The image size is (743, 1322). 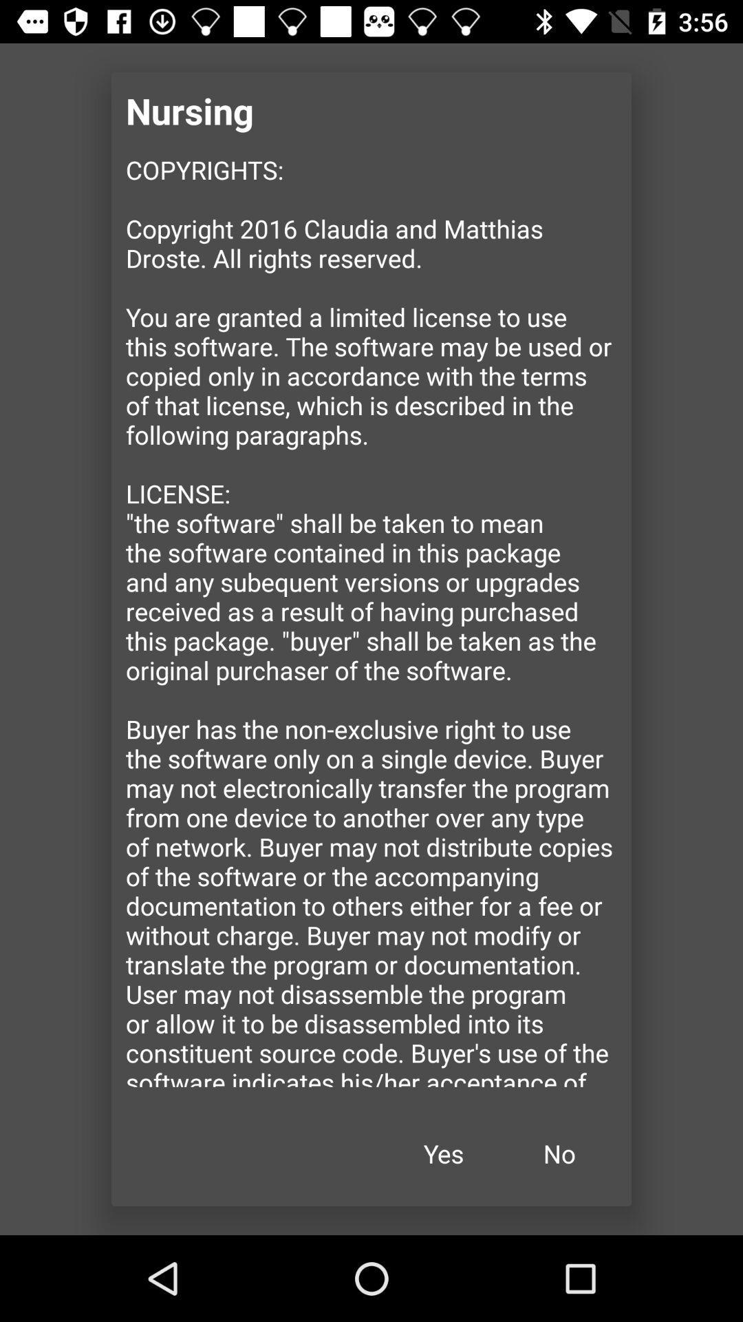 What do you see at coordinates (443, 1153) in the screenshot?
I see `the icon at the bottom` at bounding box center [443, 1153].